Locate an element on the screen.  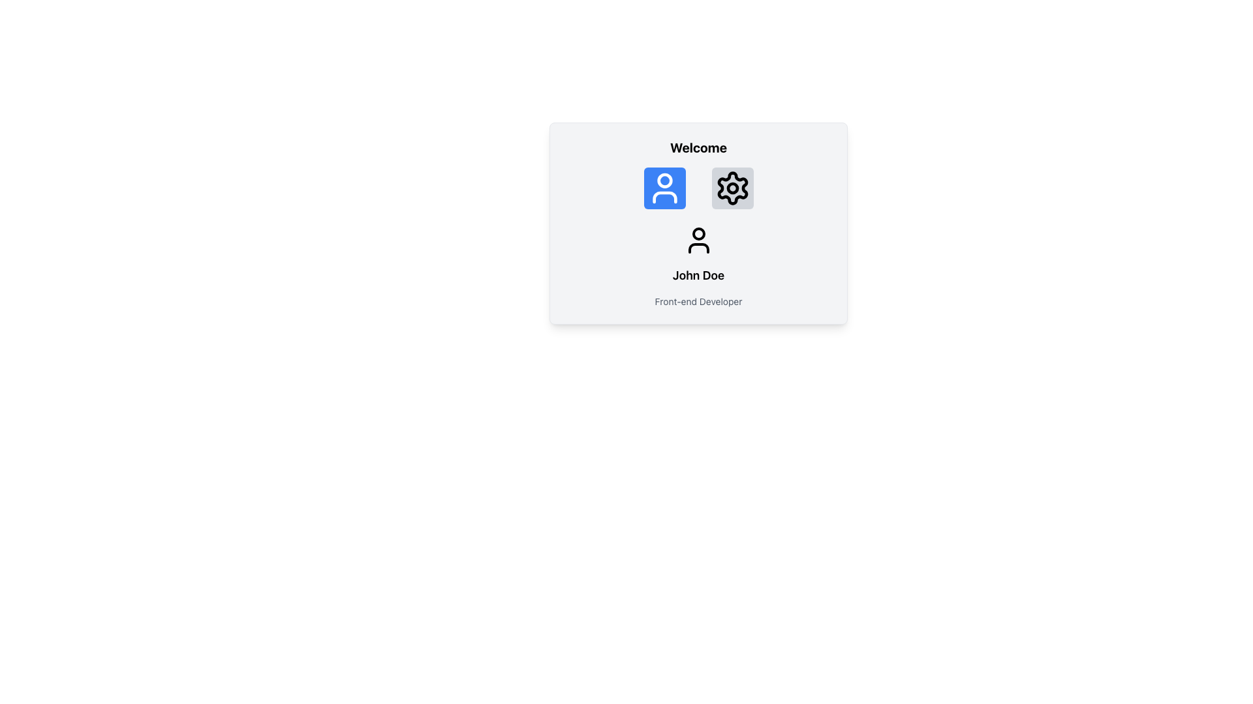
the SVG circle representing the user profile icon, which is the first of two icons arranged horizontally at the top of the card interface is located at coordinates (664, 181).